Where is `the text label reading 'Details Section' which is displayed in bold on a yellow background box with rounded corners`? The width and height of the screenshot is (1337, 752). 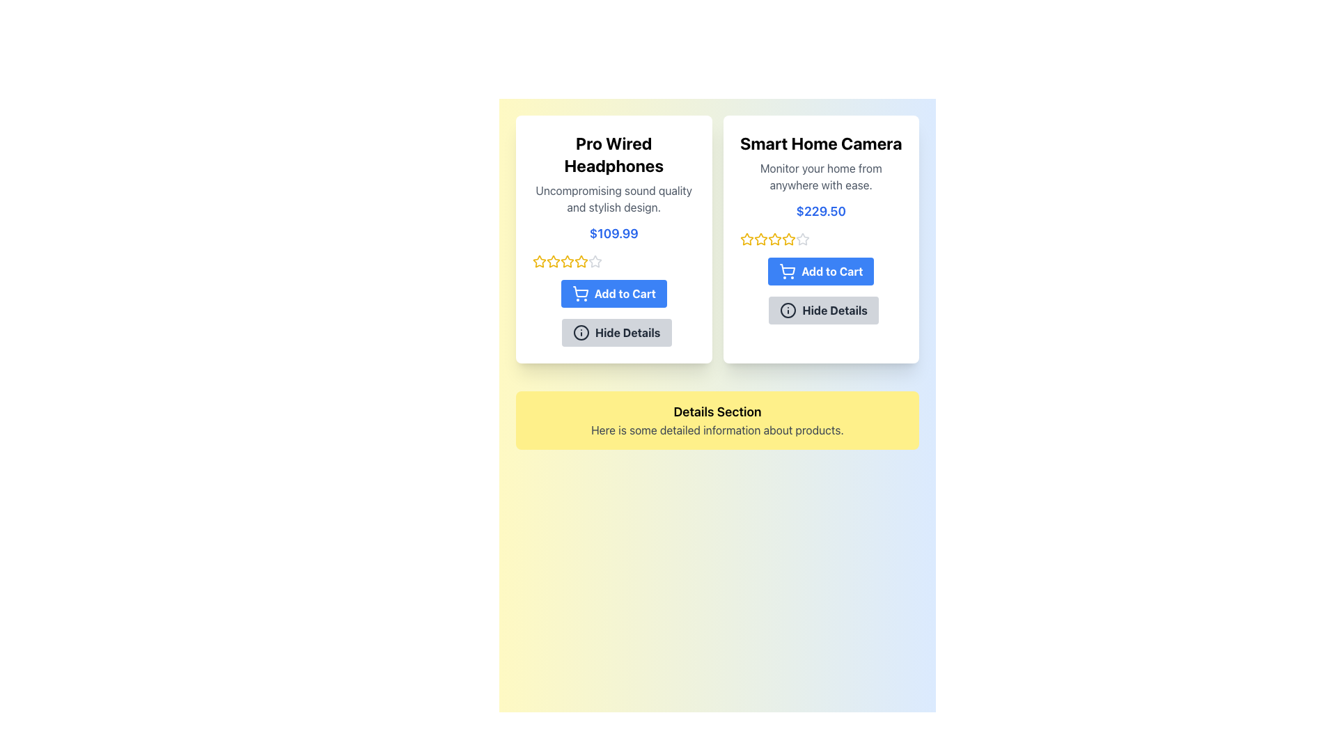
the text label reading 'Details Section' which is displayed in bold on a yellow background box with rounded corners is located at coordinates (717, 411).